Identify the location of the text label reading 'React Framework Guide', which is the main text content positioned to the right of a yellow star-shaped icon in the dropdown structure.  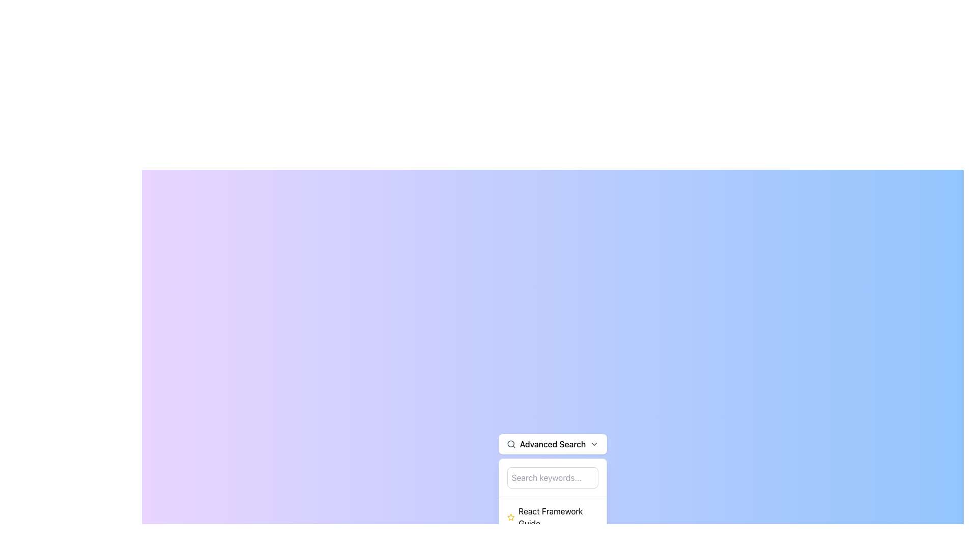
(558, 517).